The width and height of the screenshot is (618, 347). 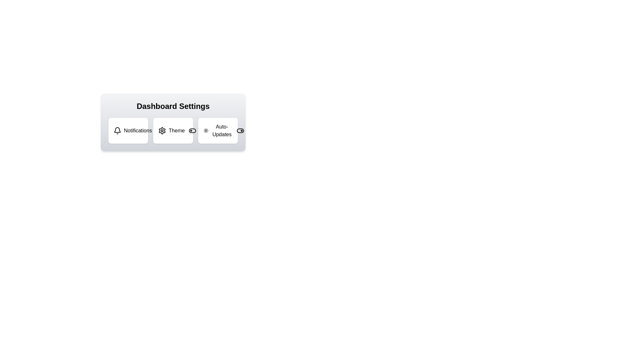 I want to click on the icon associated with Auto-Updates, so click(x=205, y=130).